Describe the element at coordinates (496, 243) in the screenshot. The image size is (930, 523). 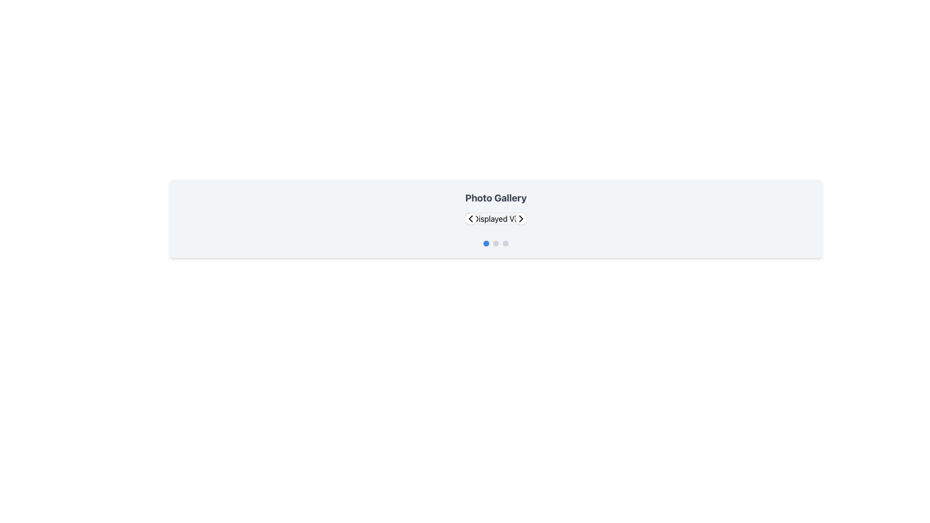
I see `the second circular button located below the 'Photo Gallery' heading` at that location.